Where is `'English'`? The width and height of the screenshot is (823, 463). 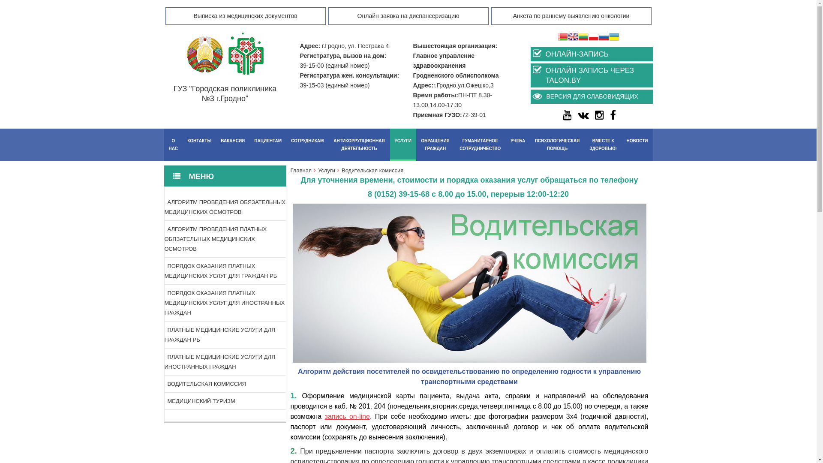
'English' is located at coordinates (572, 37).